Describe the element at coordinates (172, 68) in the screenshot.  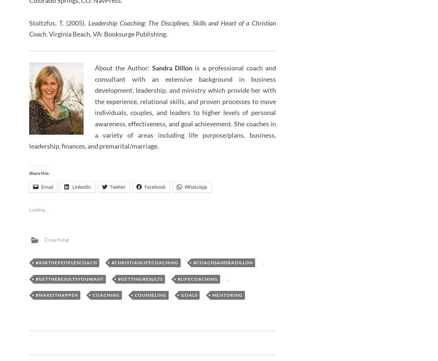
I see `'Sandra Dillon'` at that location.